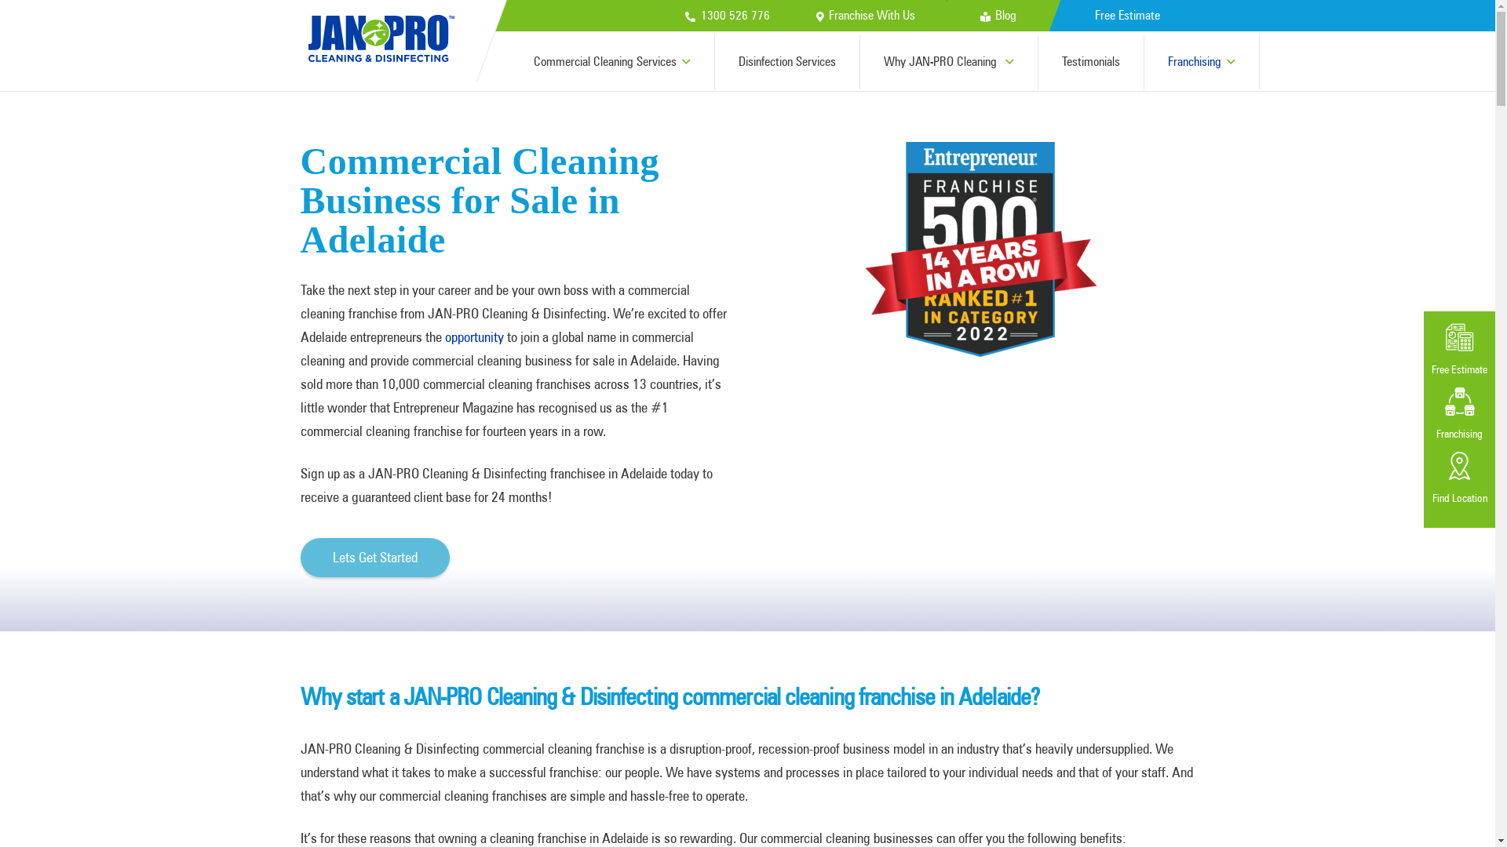 This screenshot has height=847, width=1507. What do you see at coordinates (1126, 15) in the screenshot?
I see `'Free Estimate'` at bounding box center [1126, 15].